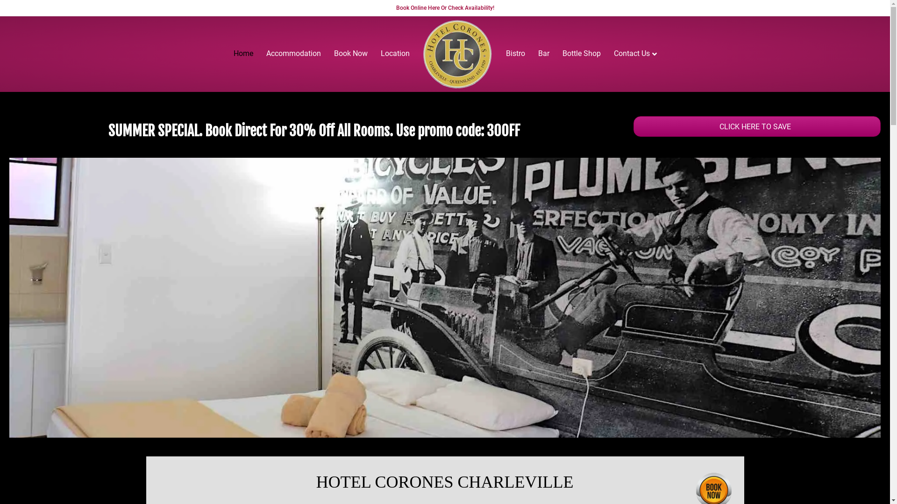 This screenshot has width=897, height=504. What do you see at coordinates (757, 126) in the screenshot?
I see `'CLICK HERE TO SAVE'` at bounding box center [757, 126].